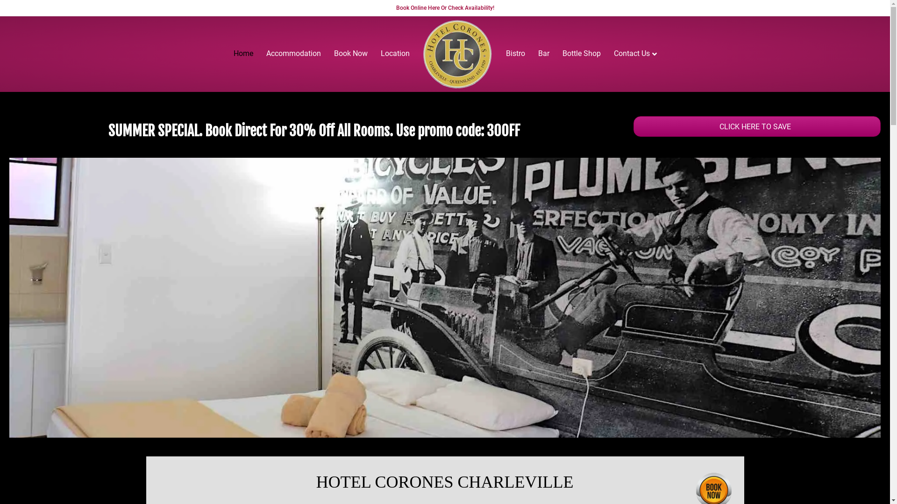 This screenshot has width=897, height=504. What do you see at coordinates (757, 126) in the screenshot?
I see `'CLICK HERE TO SAVE'` at bounding box center [757, 126].